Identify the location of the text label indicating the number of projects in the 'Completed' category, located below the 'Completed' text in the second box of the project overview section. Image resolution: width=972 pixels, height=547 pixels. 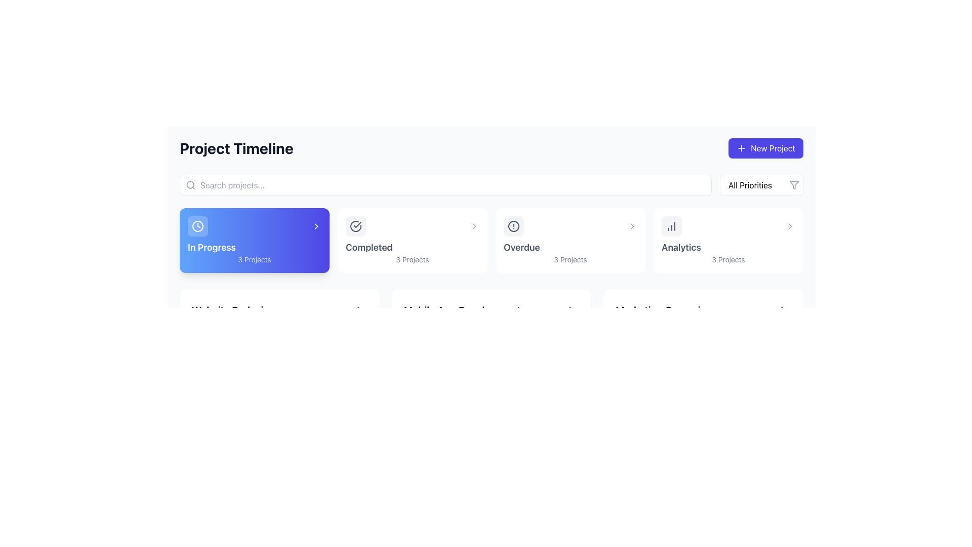
(413, 259).